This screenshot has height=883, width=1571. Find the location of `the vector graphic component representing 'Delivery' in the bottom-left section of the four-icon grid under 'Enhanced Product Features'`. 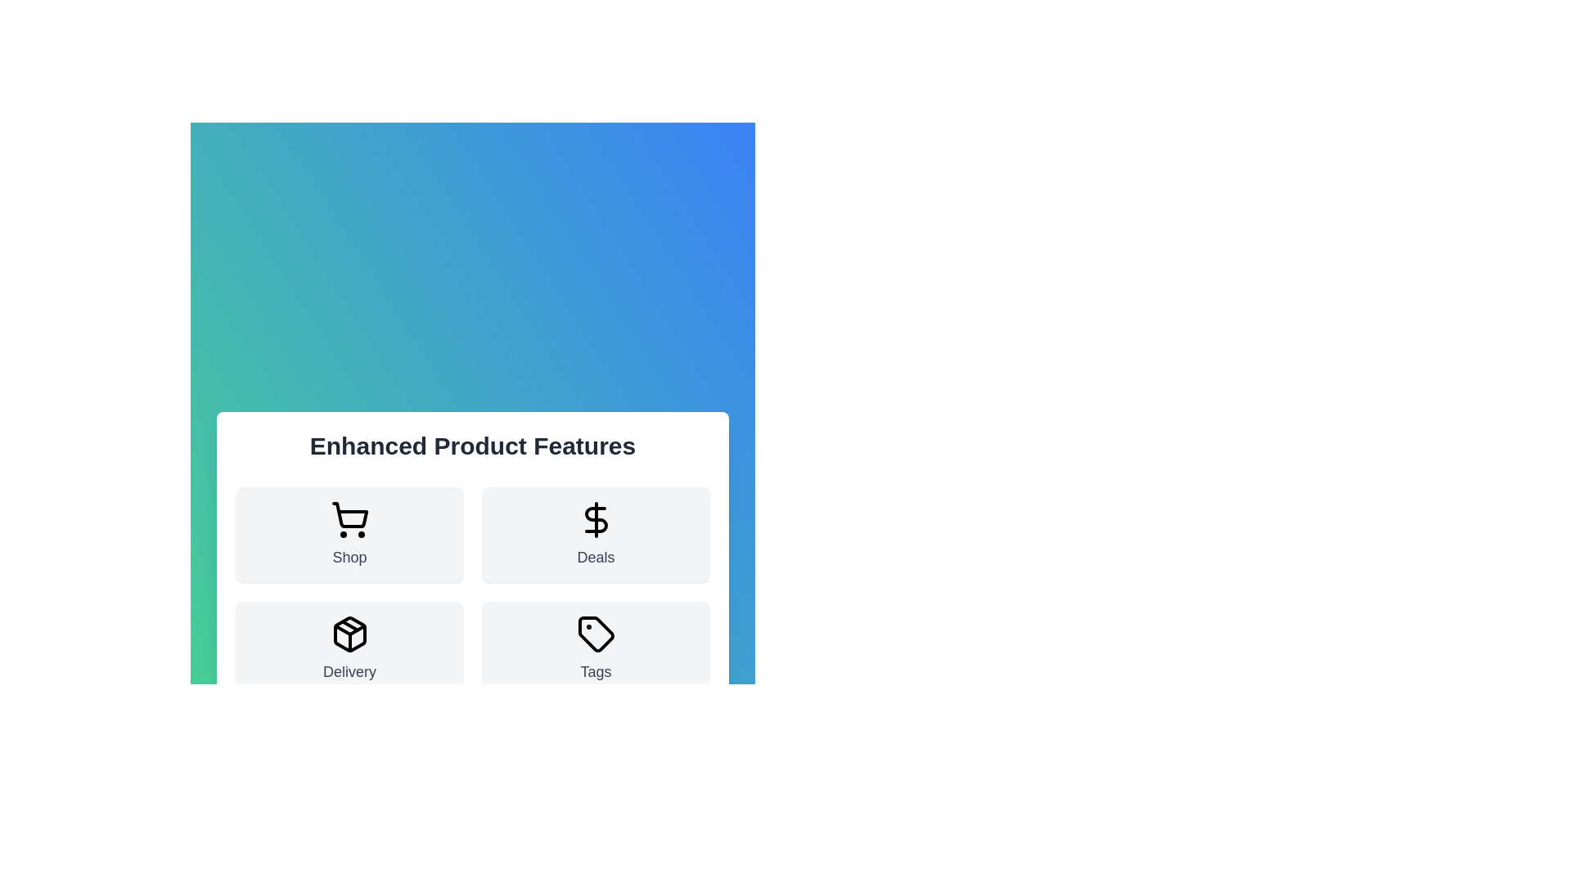

the vector graphic component representing 'Delivery' in the bottom-left section of the four-icon grid under 'Enhanced Product Features' is located at coordinates (349, 625).